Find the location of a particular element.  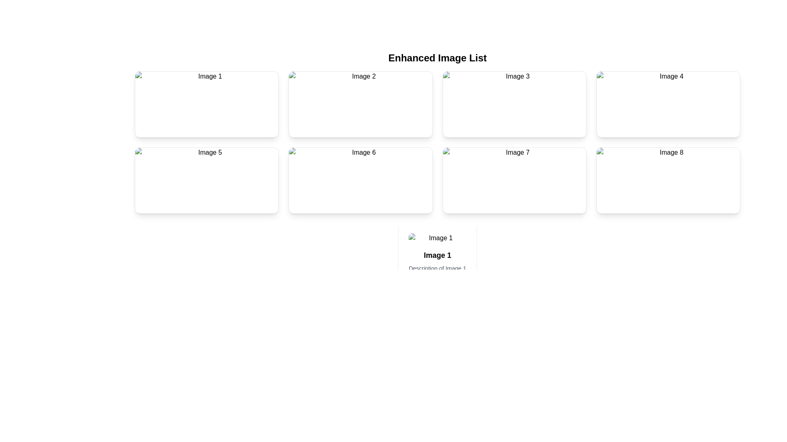

the static image that serves as a placeholder in the first row and second column of the grid layout is located at coordinates (360, 104).